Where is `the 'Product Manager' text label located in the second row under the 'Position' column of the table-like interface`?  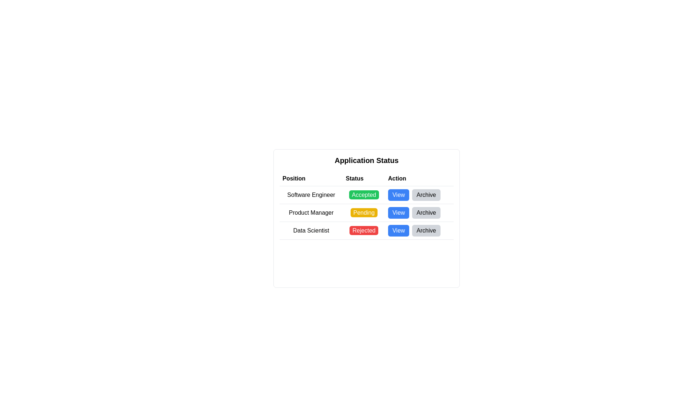
the 'Product Manager' text label located in the second row under the 'Position' column of the table-like interface is located at coordinates (311, 213).